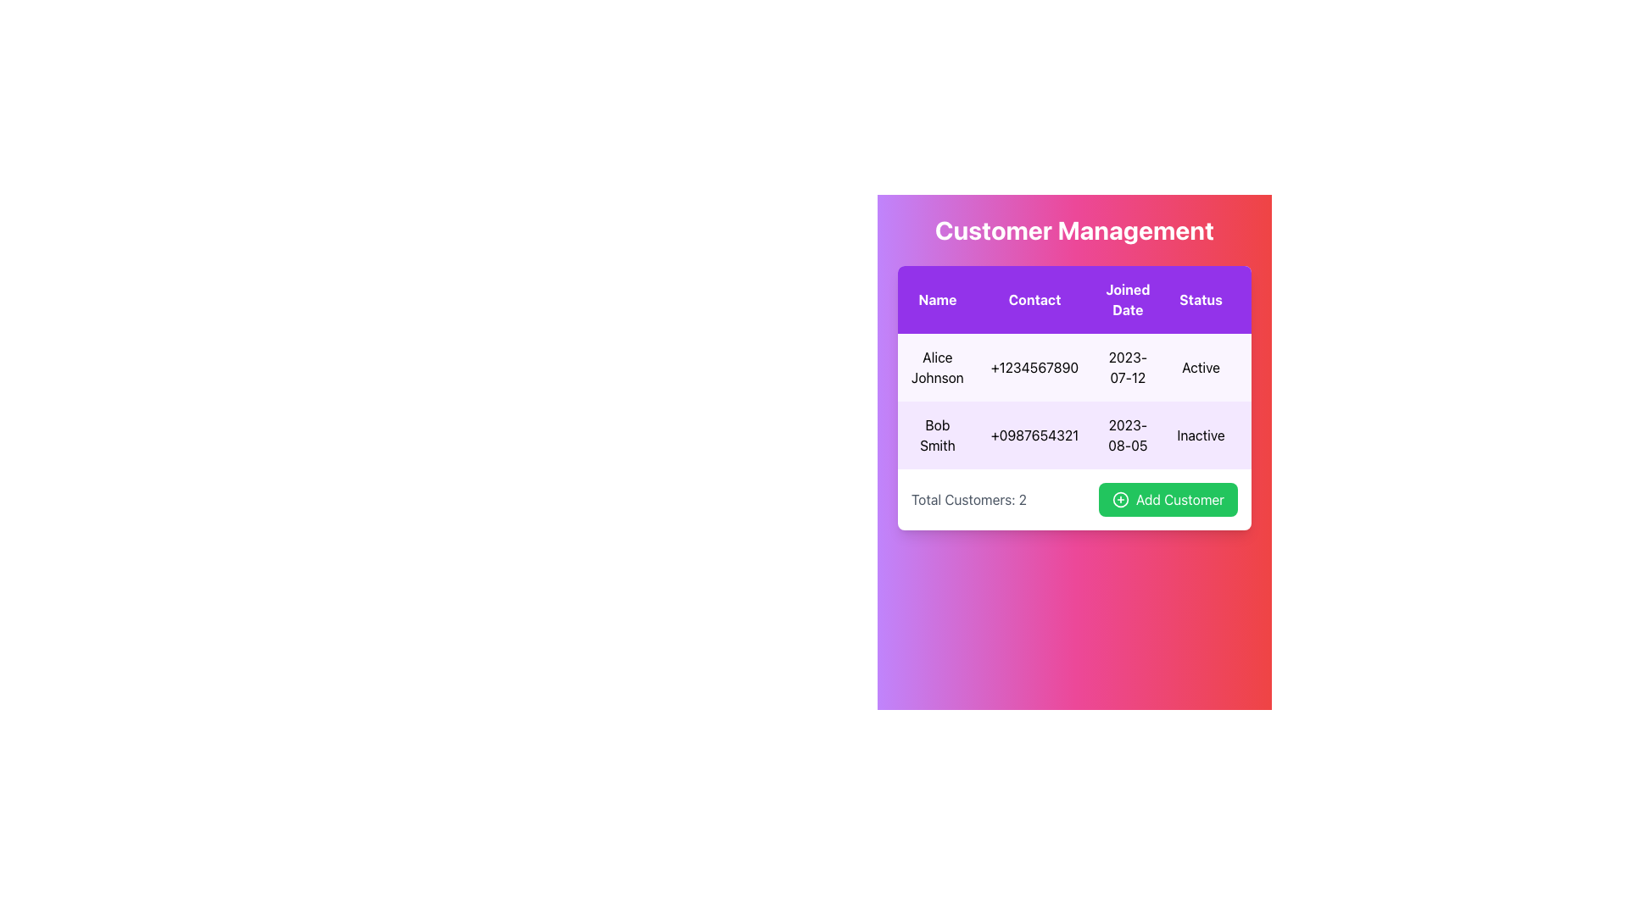 The image size is (1628, 915). I want to click on the fourth column header text label that displays the status of entities in the table, positioned between 'Joined Date' and 'Actions', so click(1200, 299).